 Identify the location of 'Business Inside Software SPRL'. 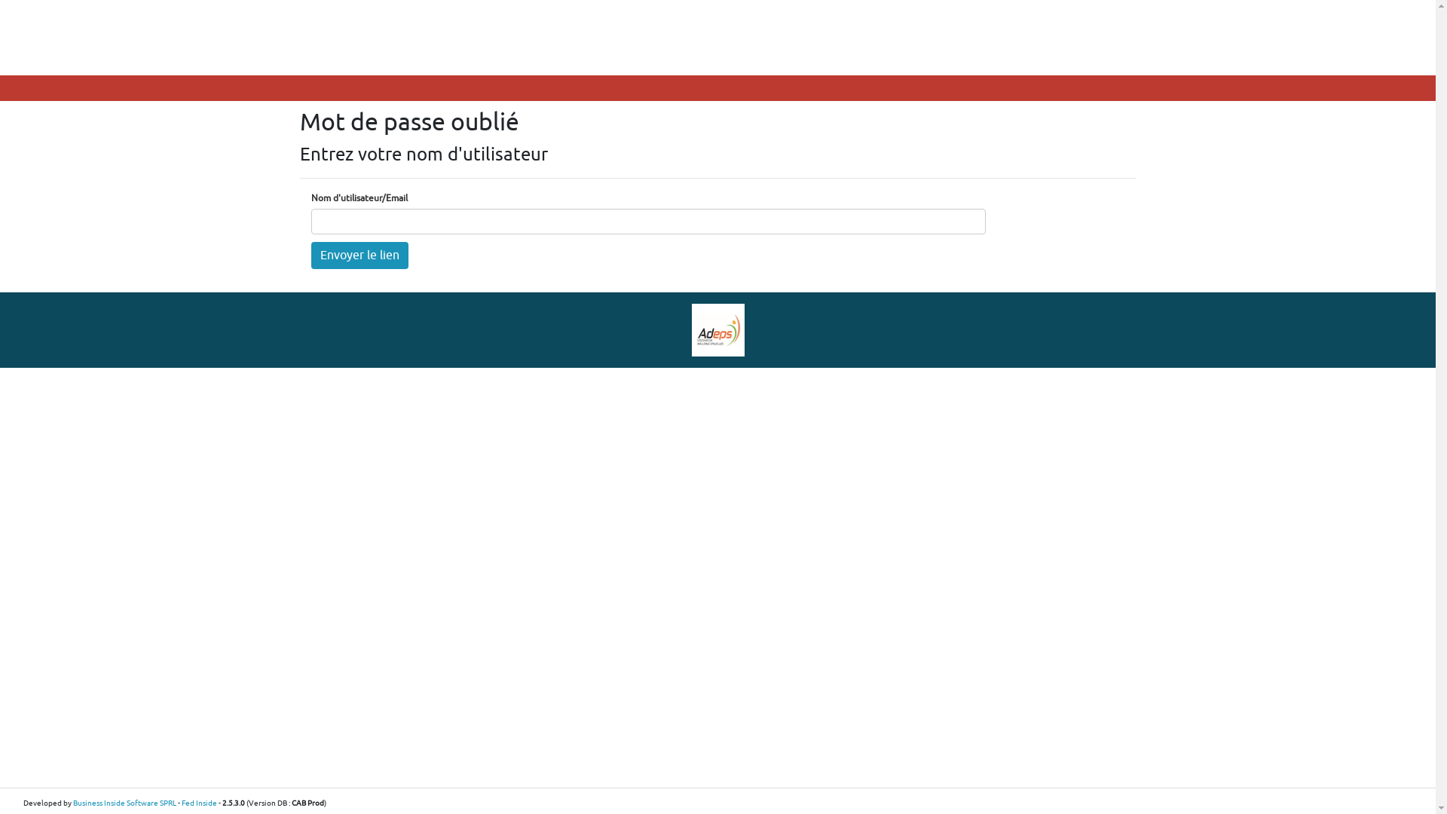
(124, 802).